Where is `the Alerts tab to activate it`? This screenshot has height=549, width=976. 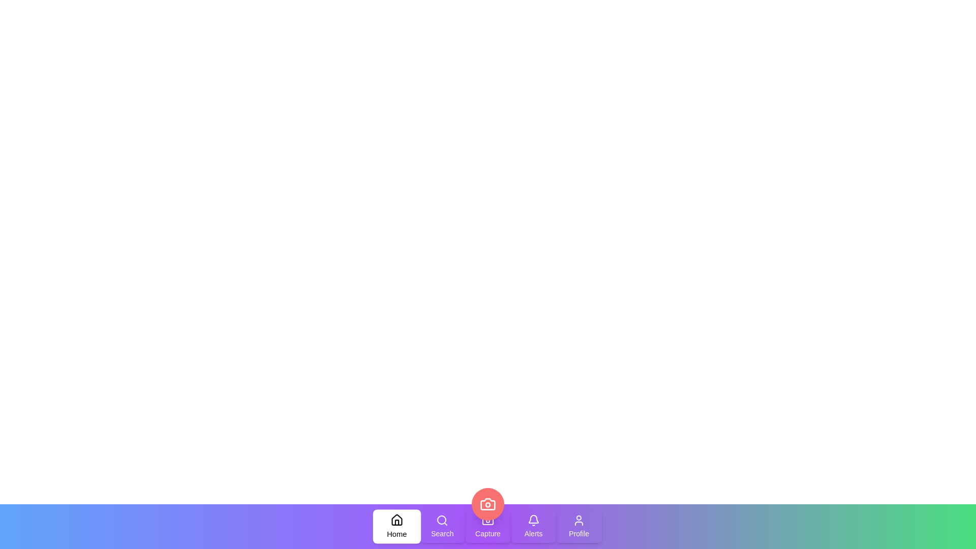
the Alerts tab to activate it is located at coordinates (533, 526).